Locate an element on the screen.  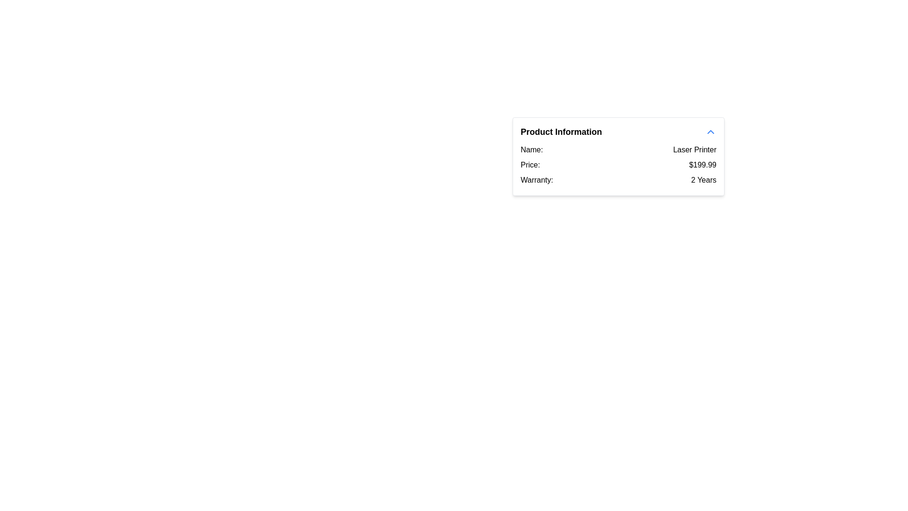
the upward-pointing blue chevron icon located at the rightmost end of the 'Product Information' header is located at coordinates (710, 132).